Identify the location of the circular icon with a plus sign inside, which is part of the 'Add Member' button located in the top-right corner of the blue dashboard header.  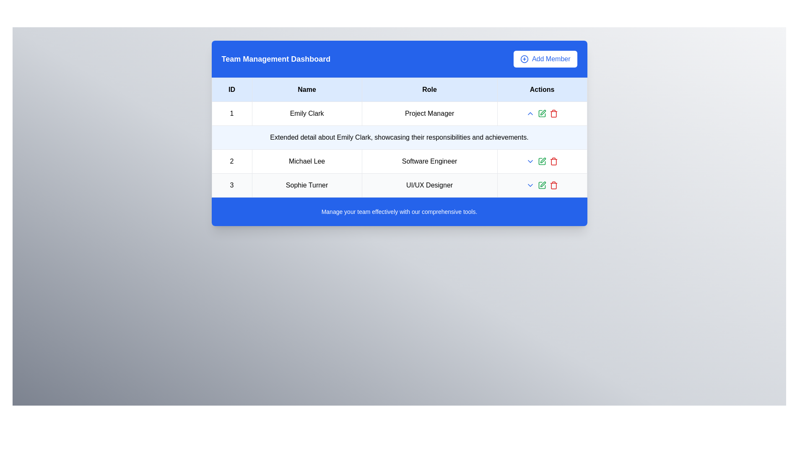
(524, 59).